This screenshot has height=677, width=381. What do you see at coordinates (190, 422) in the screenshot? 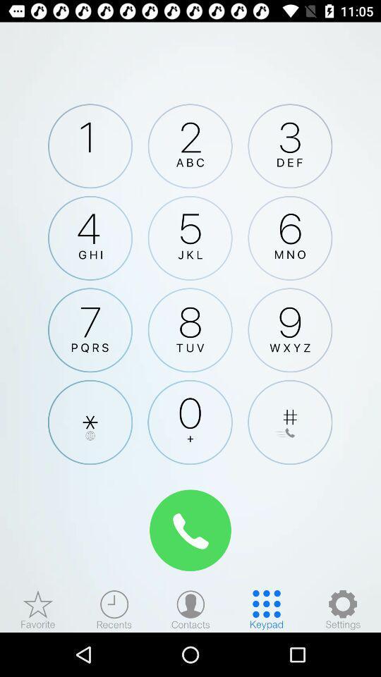
I see `0 button or sign` at bounding box center [190, 422].